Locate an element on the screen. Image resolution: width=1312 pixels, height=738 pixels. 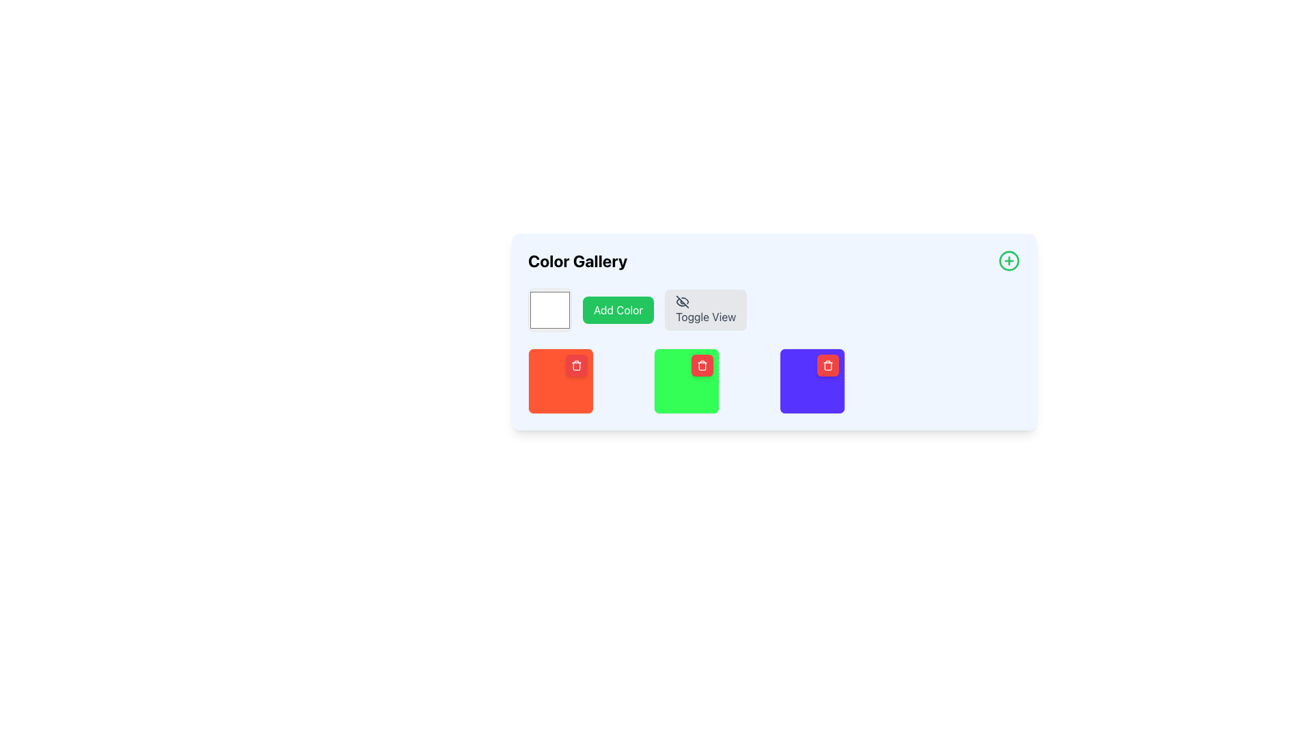
the button located at the top-right corner of the 'Color Gallery' section is located at coordinates (1009, 260).